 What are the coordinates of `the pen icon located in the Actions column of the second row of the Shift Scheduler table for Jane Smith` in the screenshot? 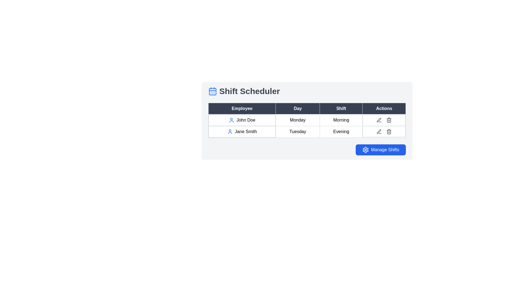 It's located at (379, 131).